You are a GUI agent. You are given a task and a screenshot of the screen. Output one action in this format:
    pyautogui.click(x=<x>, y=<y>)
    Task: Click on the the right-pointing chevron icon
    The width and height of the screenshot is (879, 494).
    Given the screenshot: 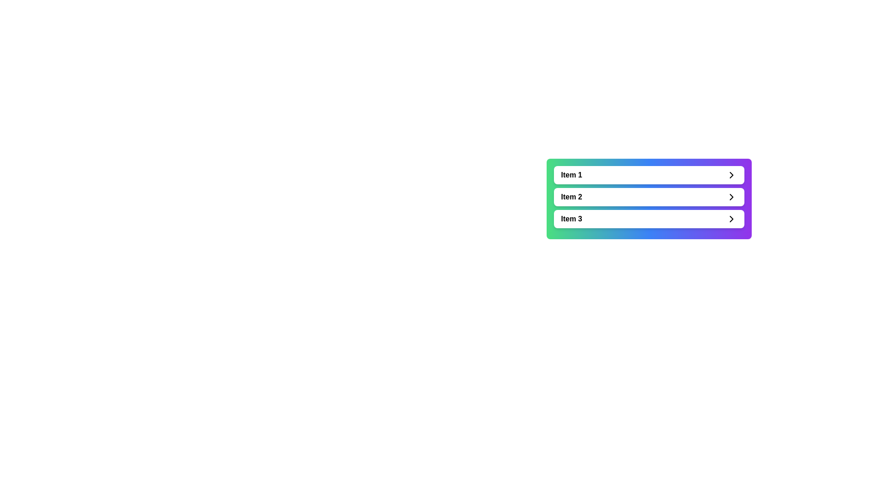 What is the action you would take?
    pyautogui.click(x=731, y=175)
    